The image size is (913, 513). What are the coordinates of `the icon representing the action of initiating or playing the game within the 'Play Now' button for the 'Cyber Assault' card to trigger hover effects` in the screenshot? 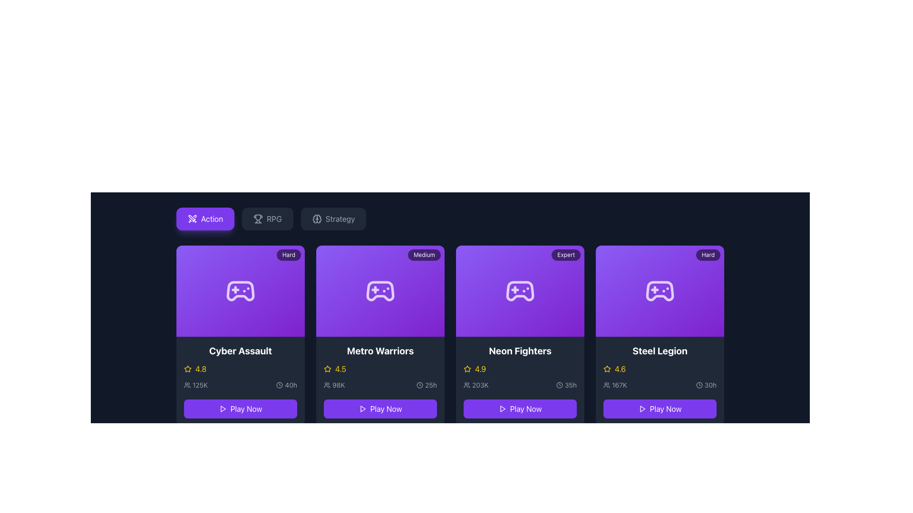 It's located at (222, 408).